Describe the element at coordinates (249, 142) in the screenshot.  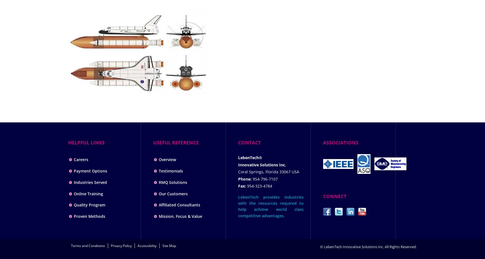
I see `'CONTACT'` at that location.